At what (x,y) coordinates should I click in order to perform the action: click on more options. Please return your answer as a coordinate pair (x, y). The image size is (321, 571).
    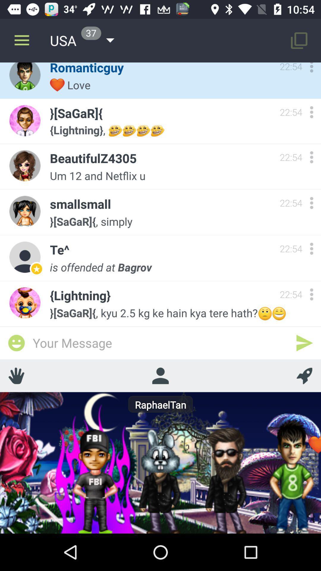
    Looking at the image, I should click on (311, 249).